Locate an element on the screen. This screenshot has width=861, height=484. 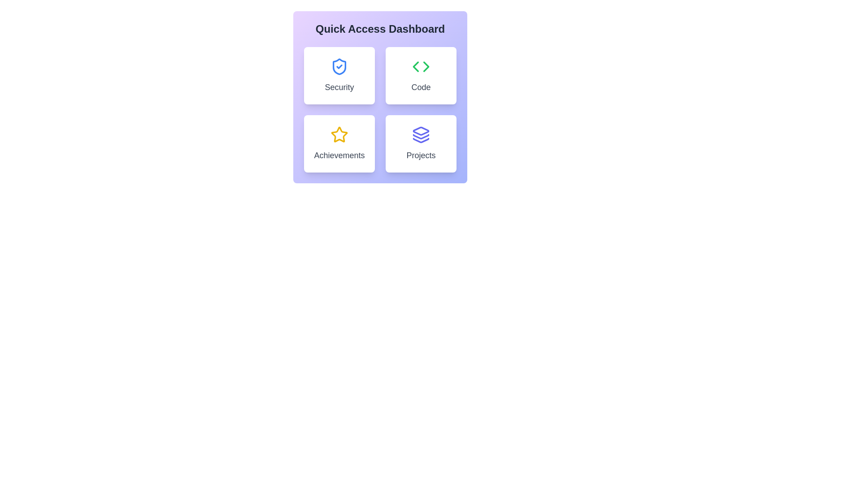
the security icon located in the top-center of the first card in the 'Quick Access Dashboard', positioned above the text 'Security' is located at coordinates (339, 66).